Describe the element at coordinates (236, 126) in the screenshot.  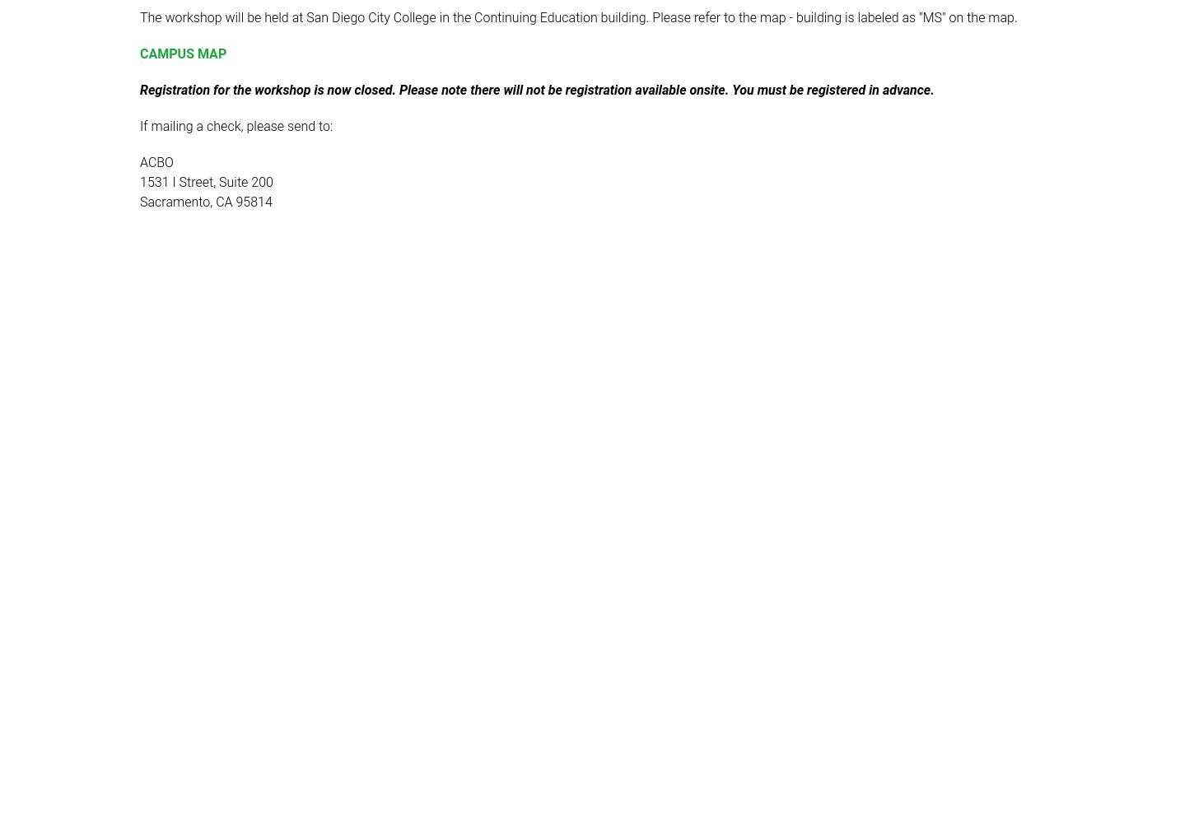
I see `'If mailing a check, please send to:'` at that location.